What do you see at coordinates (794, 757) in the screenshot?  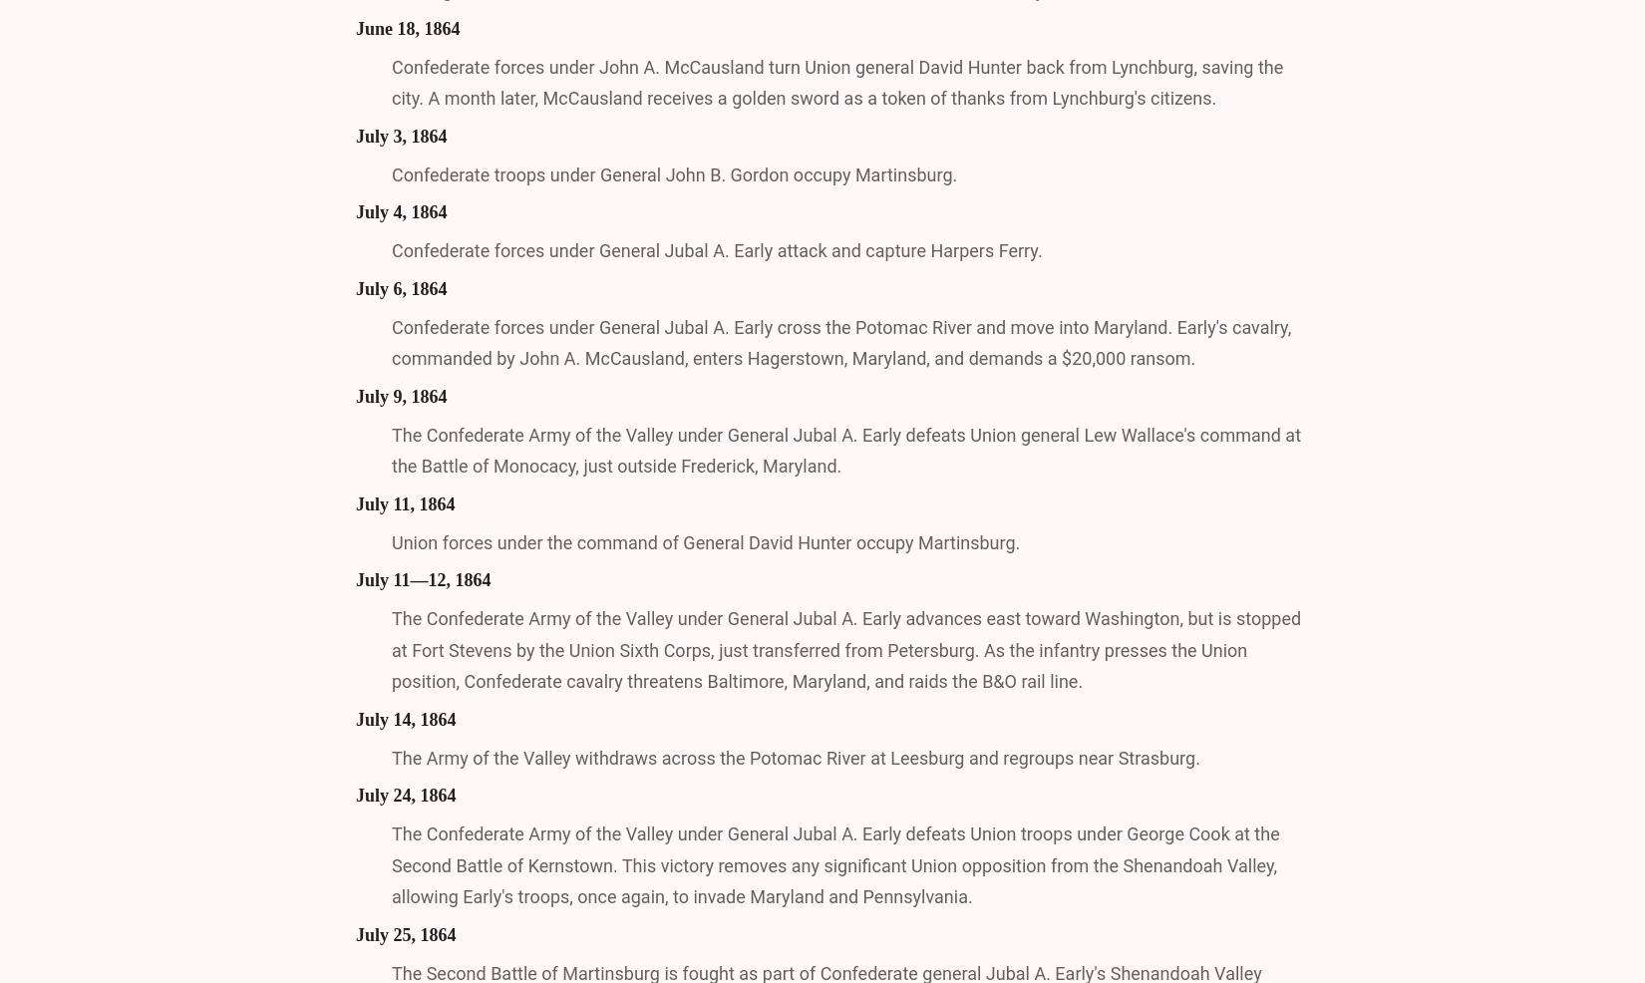 I see `'The Army of the Valley withdraws across the Potomac River at Leesburg and regroups near Strasburg.'` at bounding box center [794, 757].